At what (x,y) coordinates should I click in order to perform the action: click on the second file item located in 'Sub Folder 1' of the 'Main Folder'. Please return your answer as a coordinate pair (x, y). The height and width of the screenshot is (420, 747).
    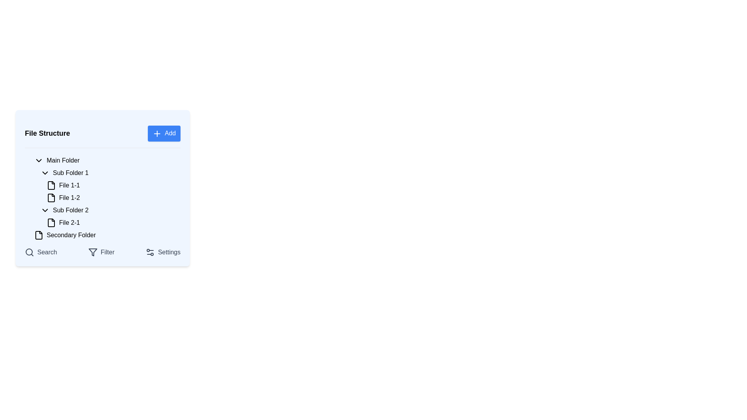
    Looking at the image, I should click on (102, 197).